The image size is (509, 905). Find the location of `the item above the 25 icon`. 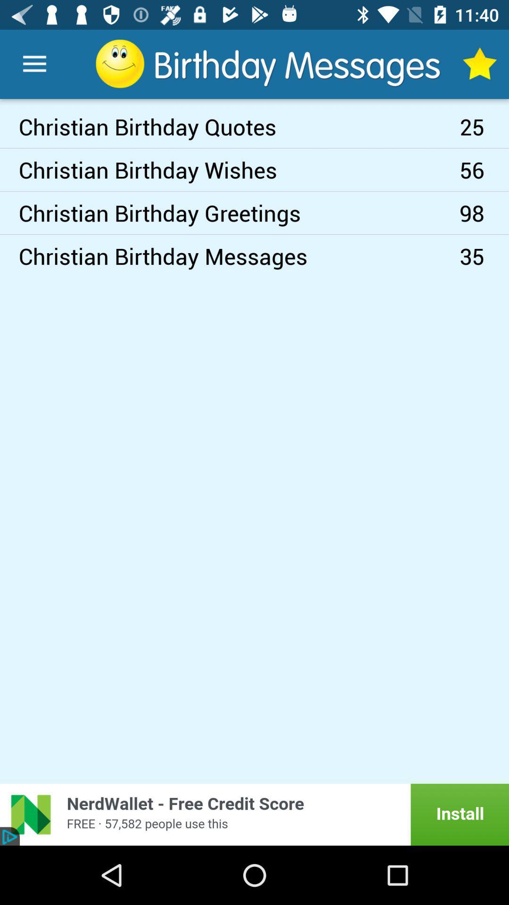

the item above the 25 icon is located at coordinates (479, 64).